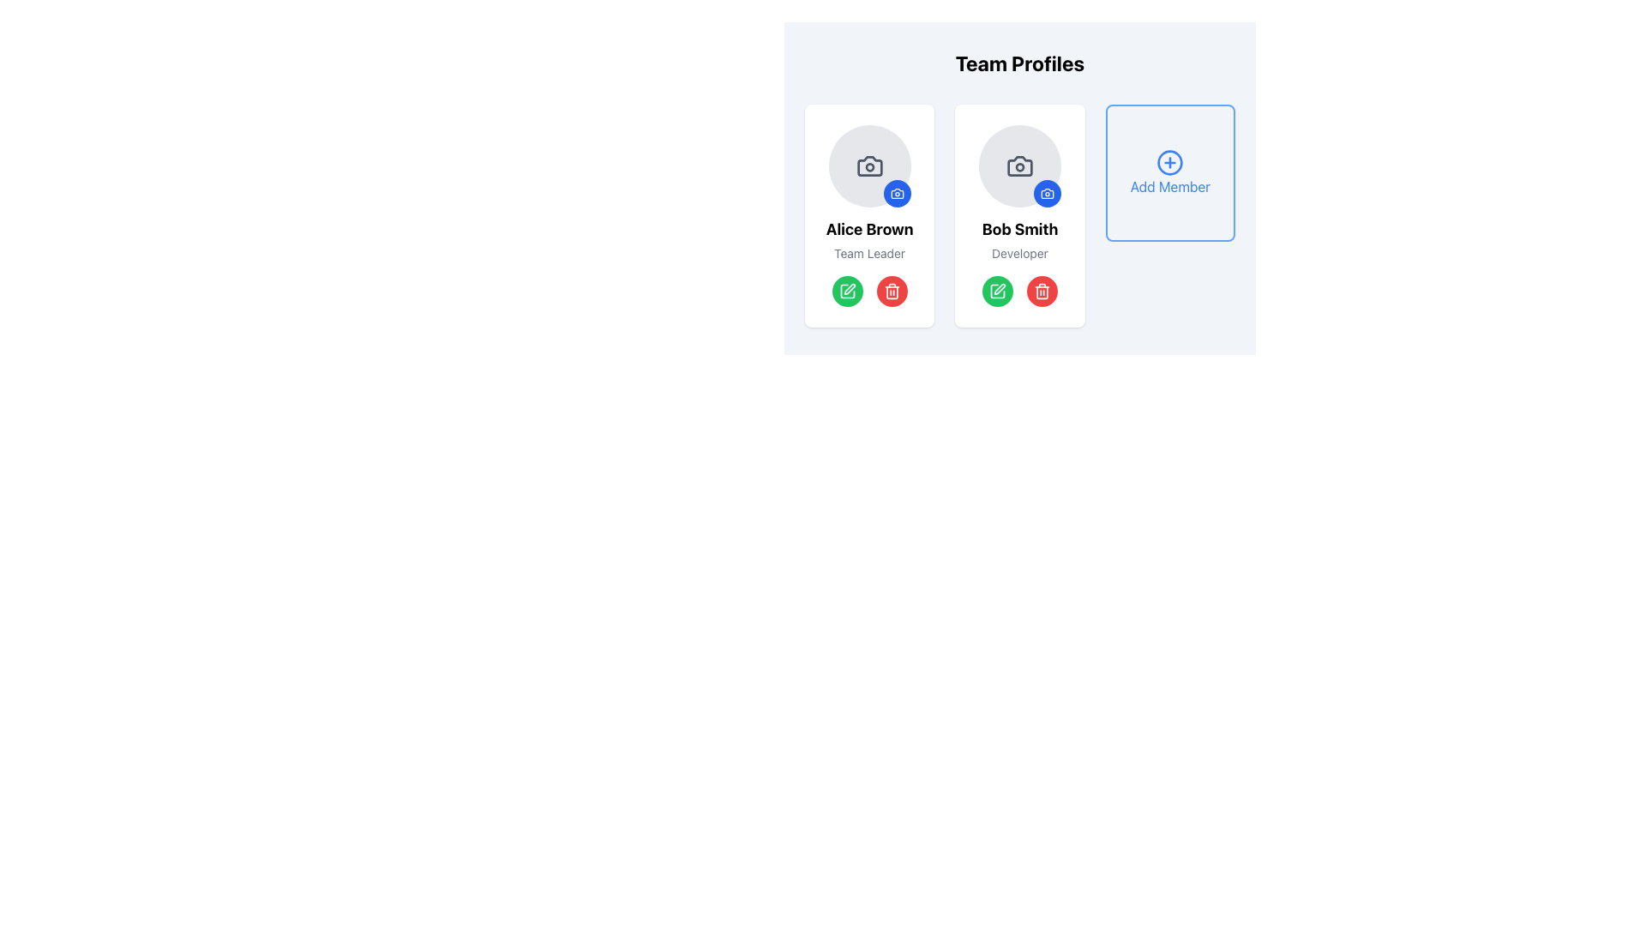 This screenshot has height=926, width=1646. Describe the element at coordinates (892, 290) in the screenshot. I see `the 'delete' button located below the 'Alice Brown' profile card in the 'Team Profiles' section` at that location.